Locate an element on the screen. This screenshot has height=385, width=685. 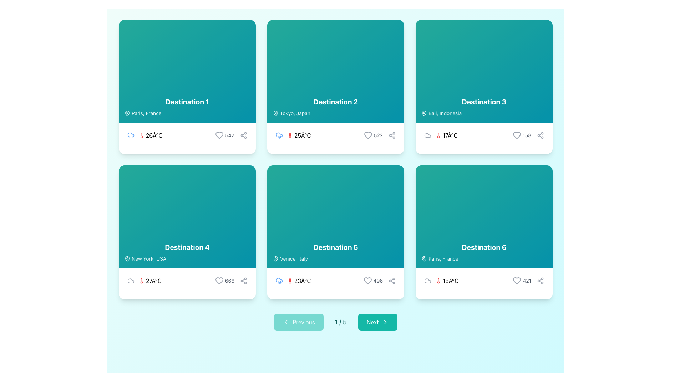
text content of the Text label that displays the title or name of the highlighted destination, located at the top of the card in the first row and third column of a grid layout is located at coordinates (484, 102).